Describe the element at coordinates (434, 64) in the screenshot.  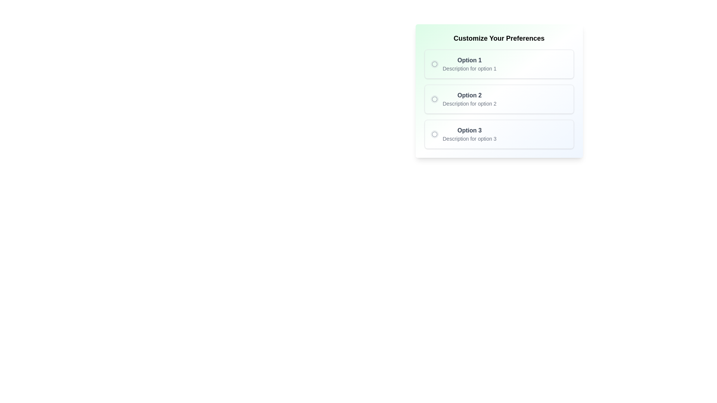
I see `the Circle graphic representing the first radio button option in the vertical group to focus it` at that location.